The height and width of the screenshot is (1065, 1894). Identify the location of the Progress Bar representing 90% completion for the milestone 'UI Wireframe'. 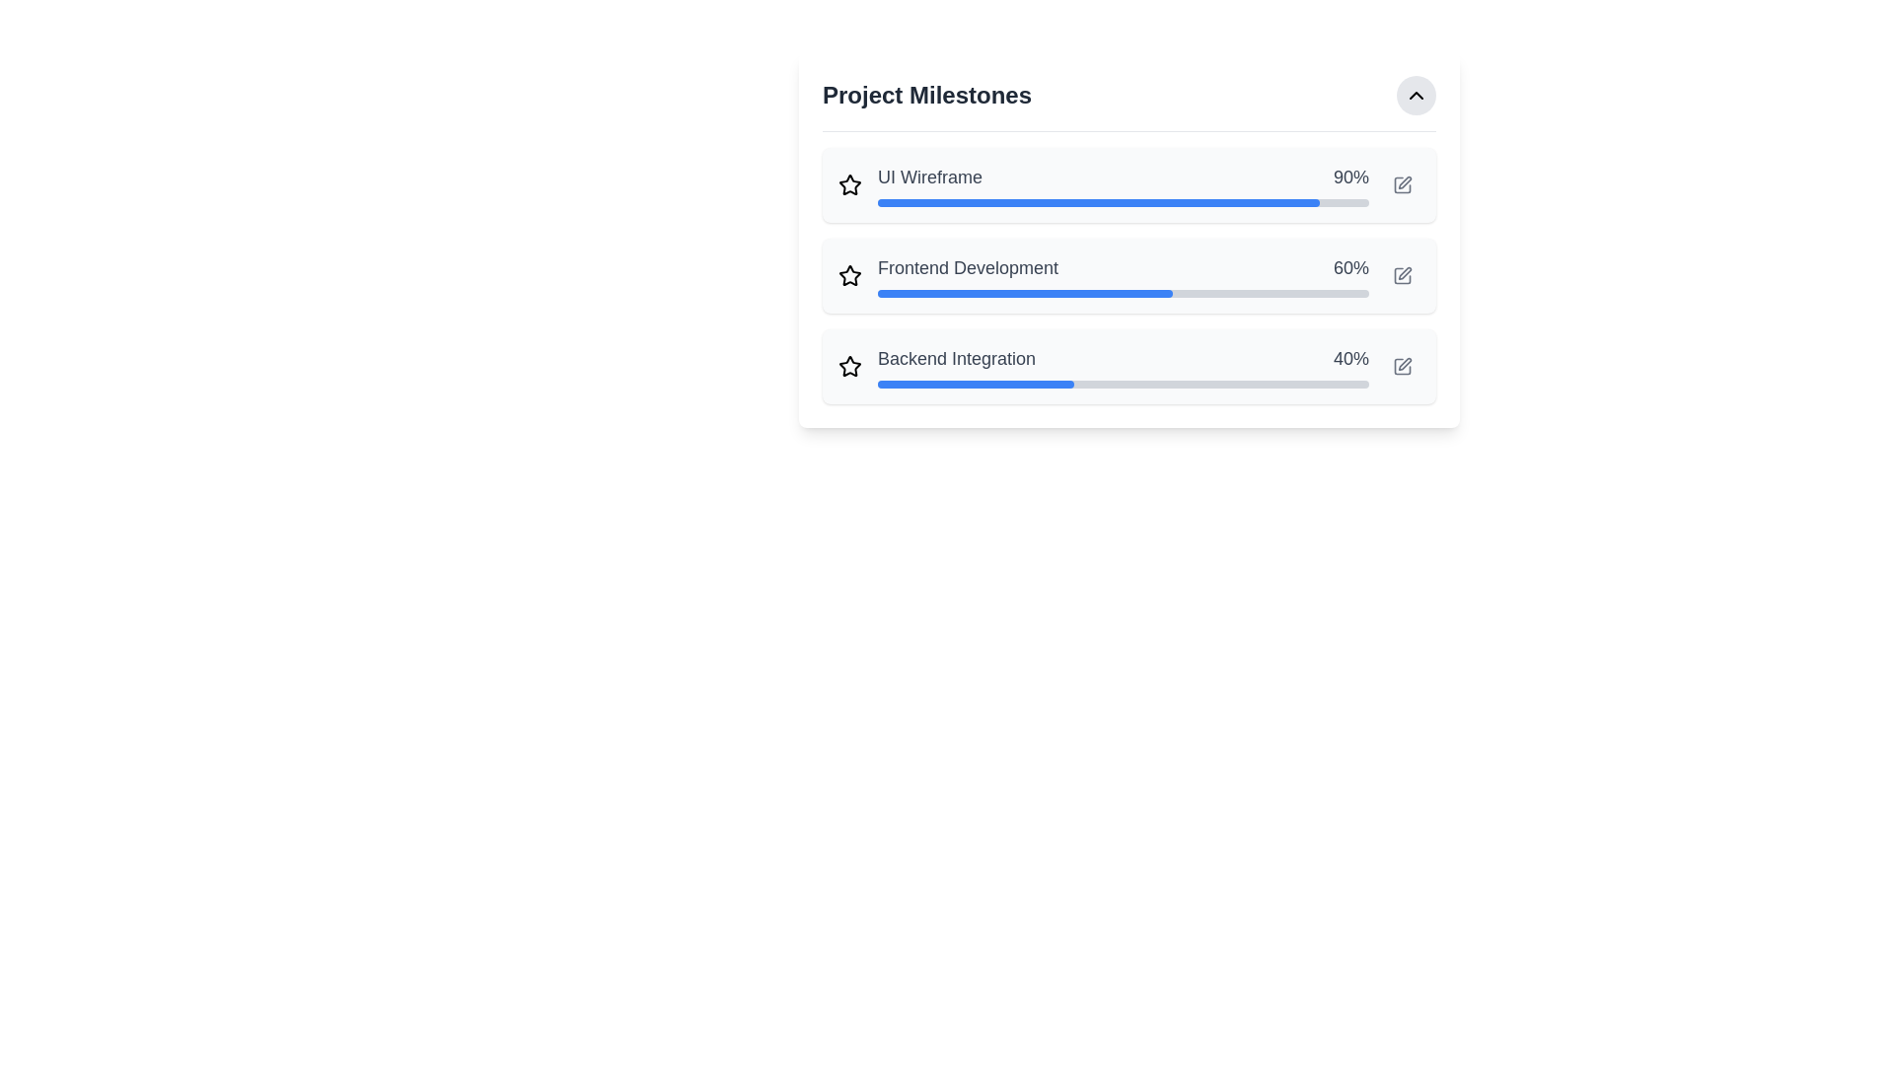
(1123, 202).